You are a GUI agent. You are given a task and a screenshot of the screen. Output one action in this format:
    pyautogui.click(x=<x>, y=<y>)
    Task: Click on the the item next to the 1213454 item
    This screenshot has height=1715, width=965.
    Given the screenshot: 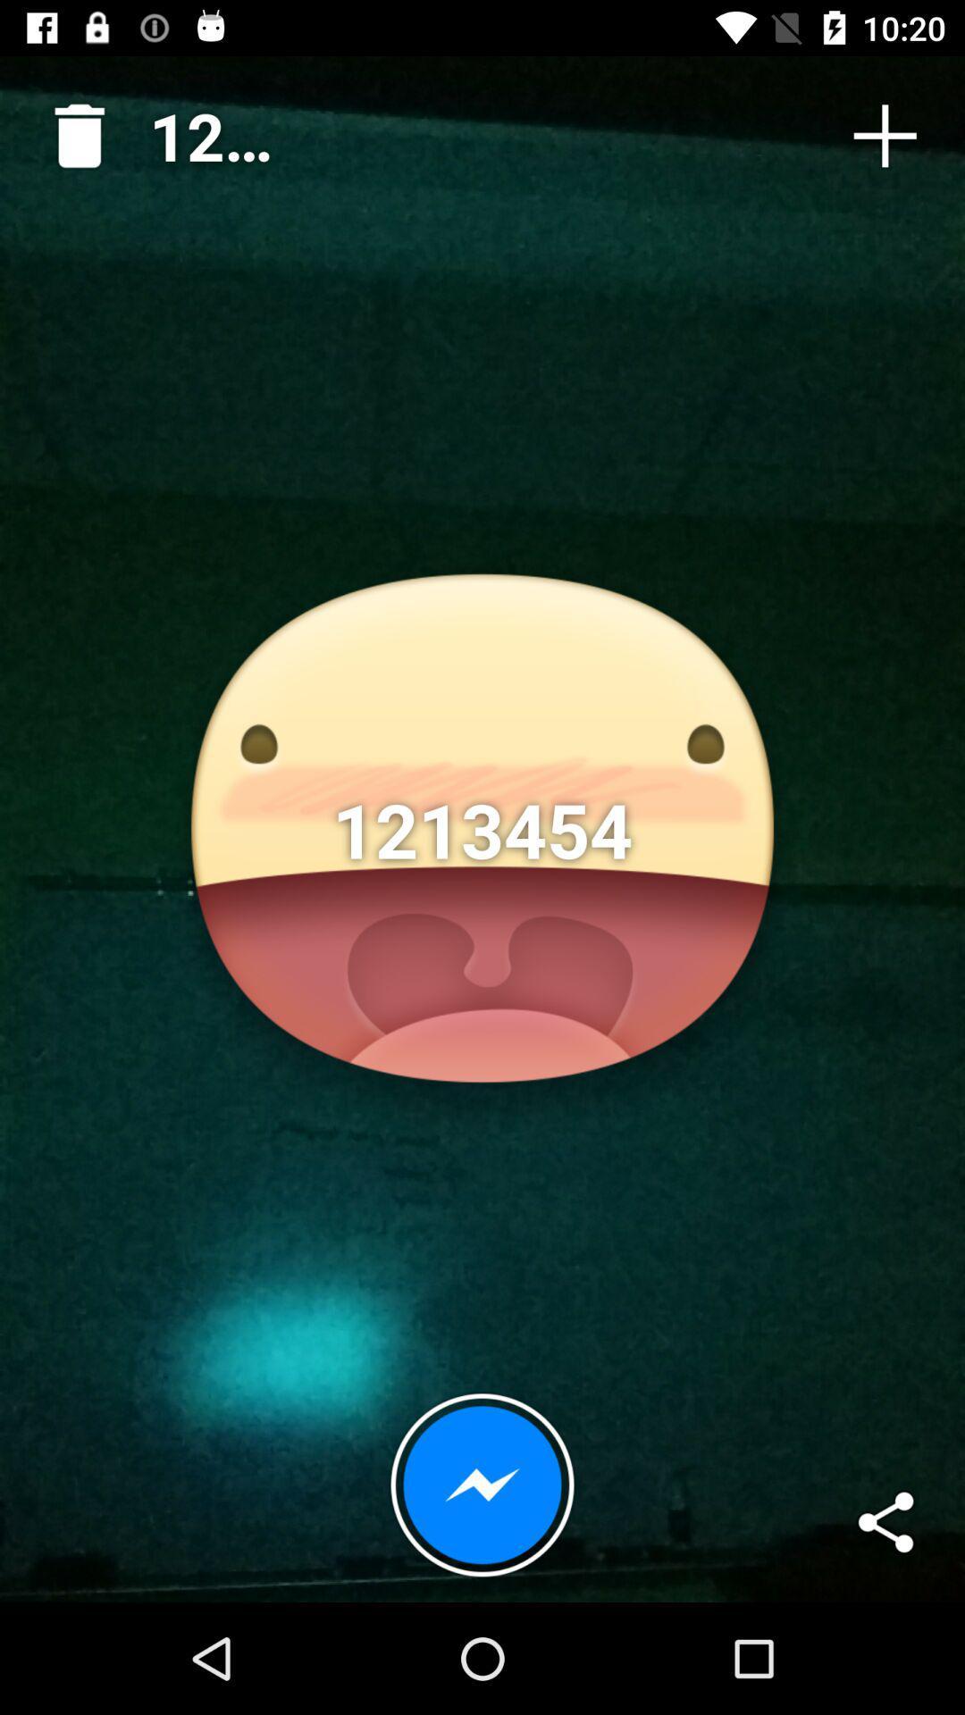 What is the action you would take?
    pyautogui.click(x=885, y=135)
    